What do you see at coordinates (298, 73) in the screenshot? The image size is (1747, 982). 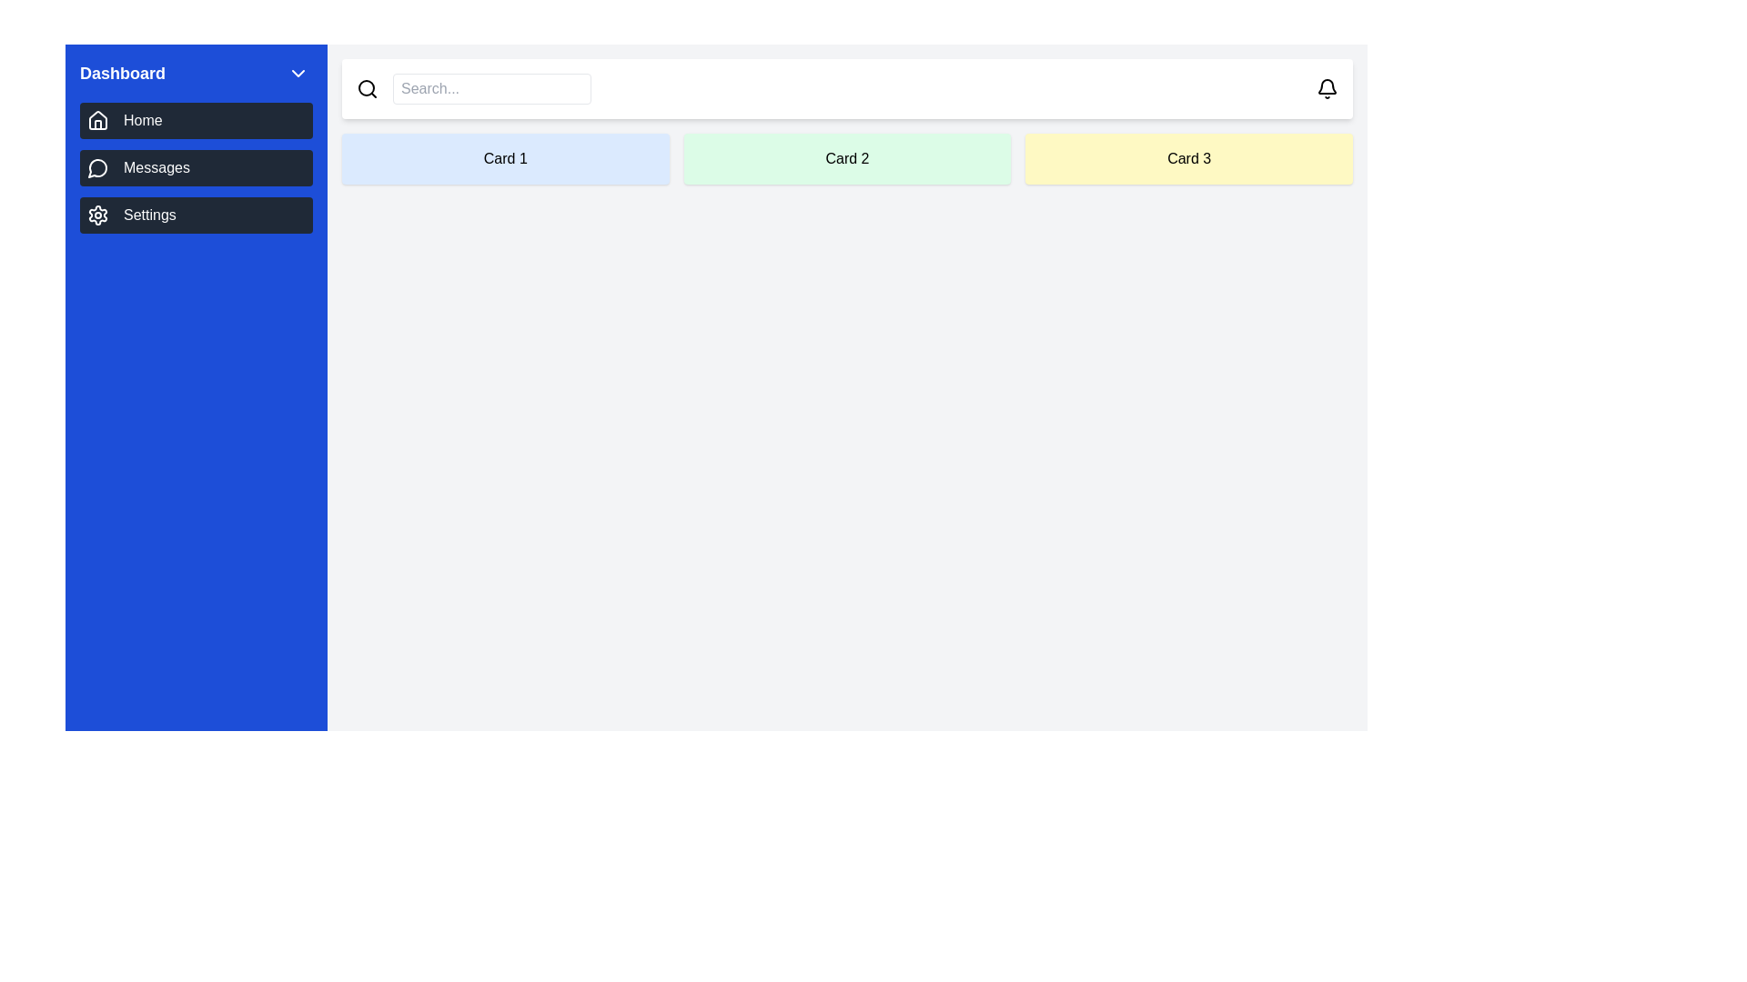 I see `the toggle button located in the top-right corner of the blue side navigation bar` at bounding box center [298, 73].